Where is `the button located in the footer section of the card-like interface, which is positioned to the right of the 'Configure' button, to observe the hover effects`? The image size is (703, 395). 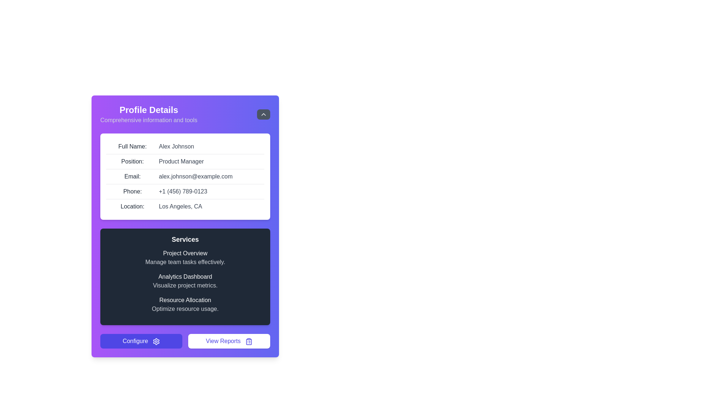
the button located in the footer section of the card-like interface, which is positioned to the right of the 'Configure' button, to observe the hover effects is located at coordinates (228, 341).